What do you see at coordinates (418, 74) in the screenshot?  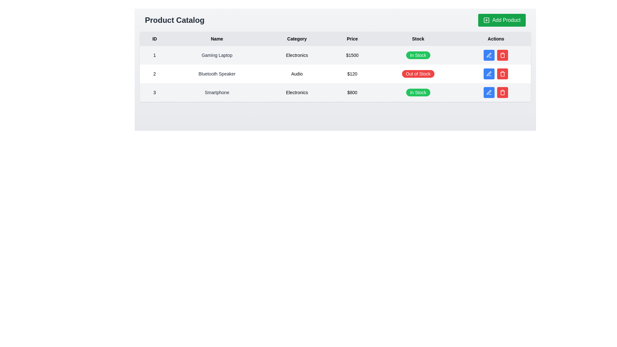 I see `the non-interactive red button labeled 'Out of Stock' located in the 'Stock' column of the table for 'Bluetooth Speaker'` at bounding box center [418, 74].